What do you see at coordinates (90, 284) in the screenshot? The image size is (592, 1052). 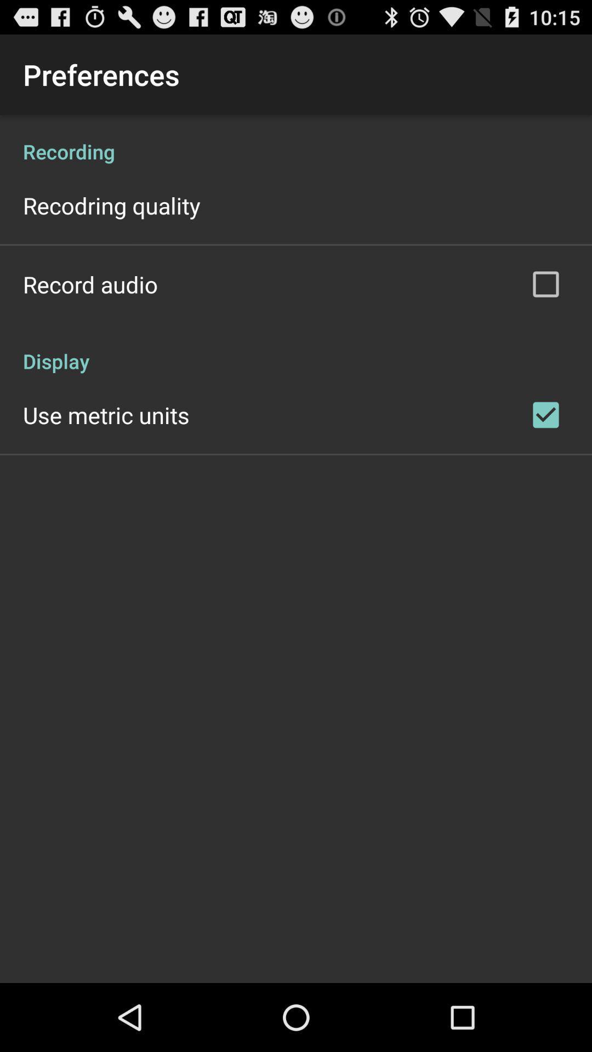 I see `the record audio app` at bounding box center [90, 284].